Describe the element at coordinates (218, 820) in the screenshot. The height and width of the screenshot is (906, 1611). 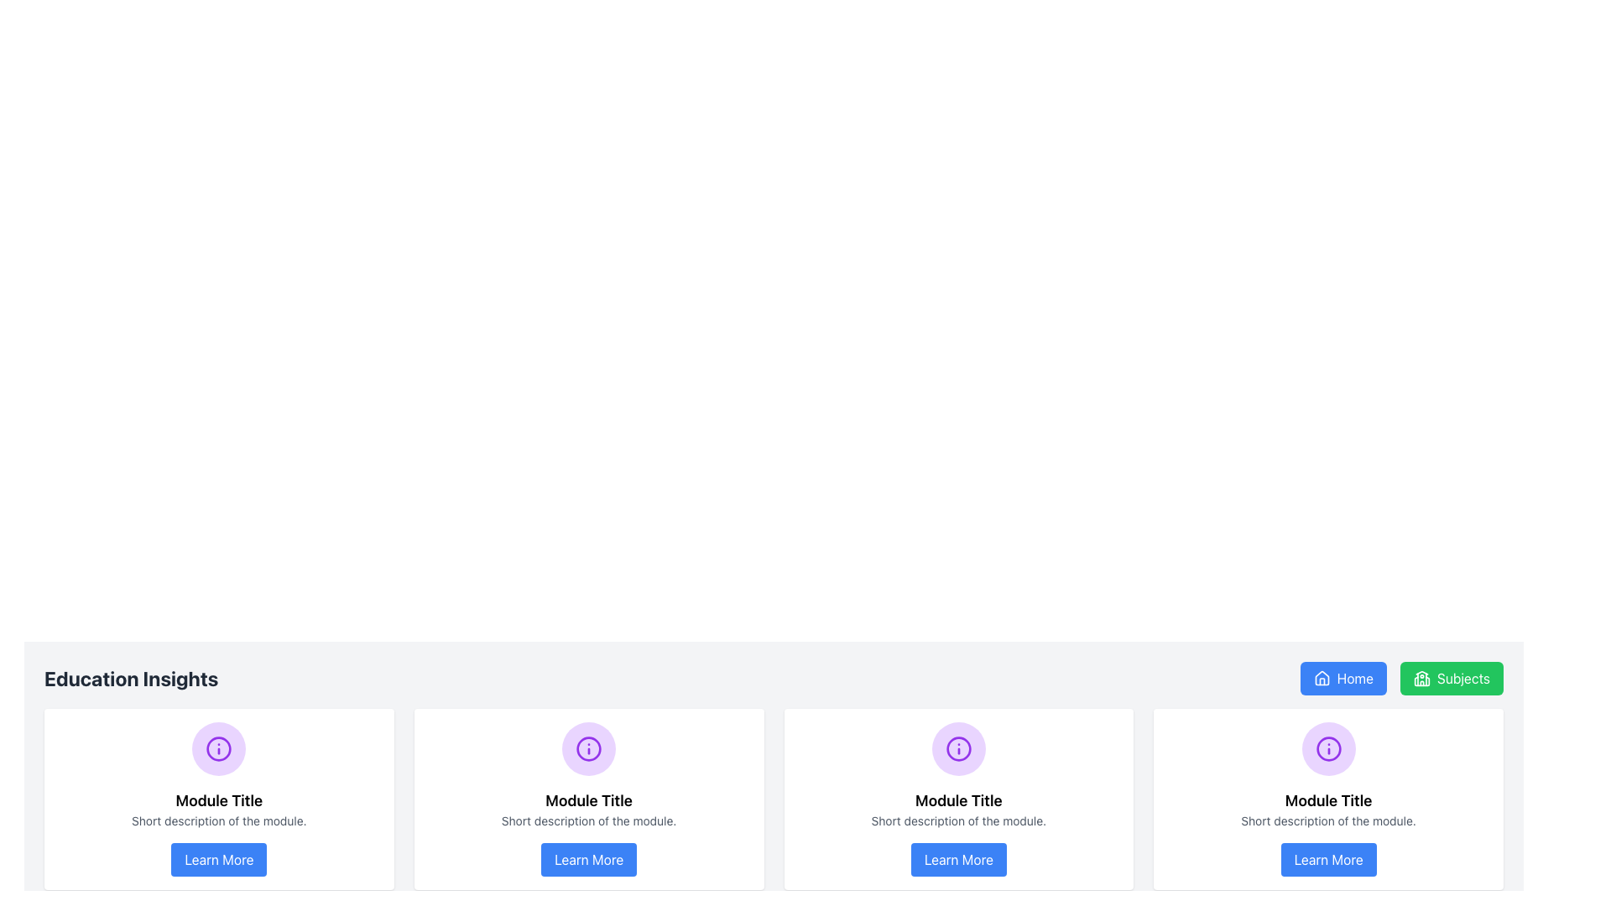
I see `the Text block that provides a brief textual description located below the 'Module Title' and above the 'Learn More' button` at that location.